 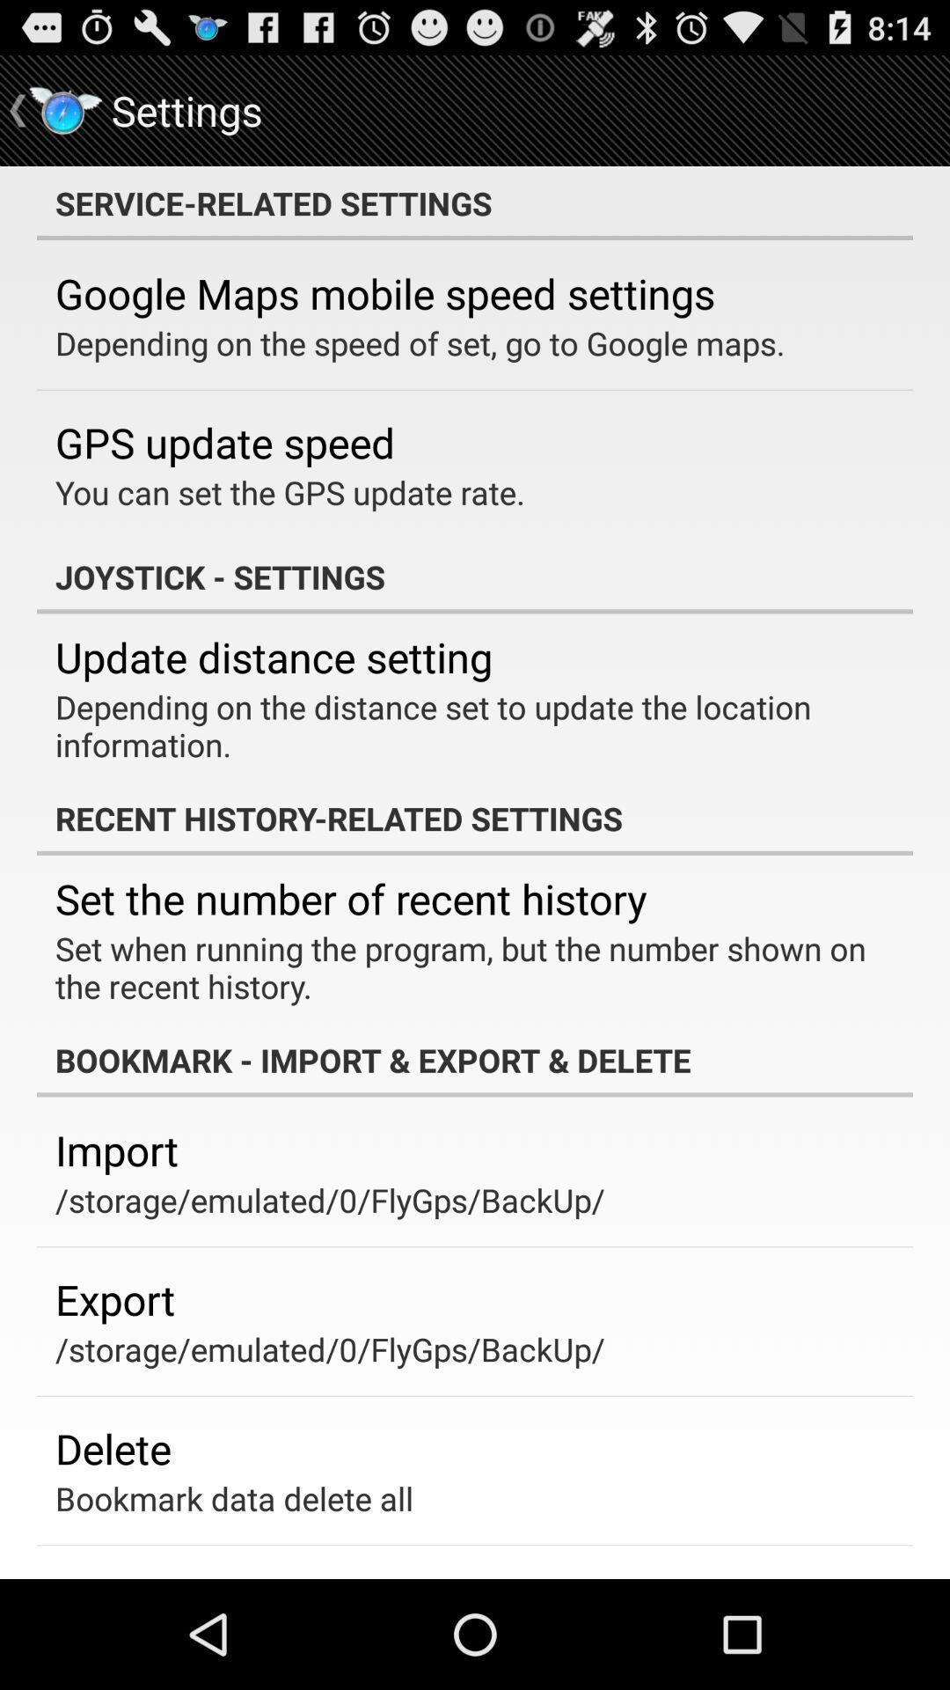 I want to click on the item above the import, so click(x=475, y=1059).